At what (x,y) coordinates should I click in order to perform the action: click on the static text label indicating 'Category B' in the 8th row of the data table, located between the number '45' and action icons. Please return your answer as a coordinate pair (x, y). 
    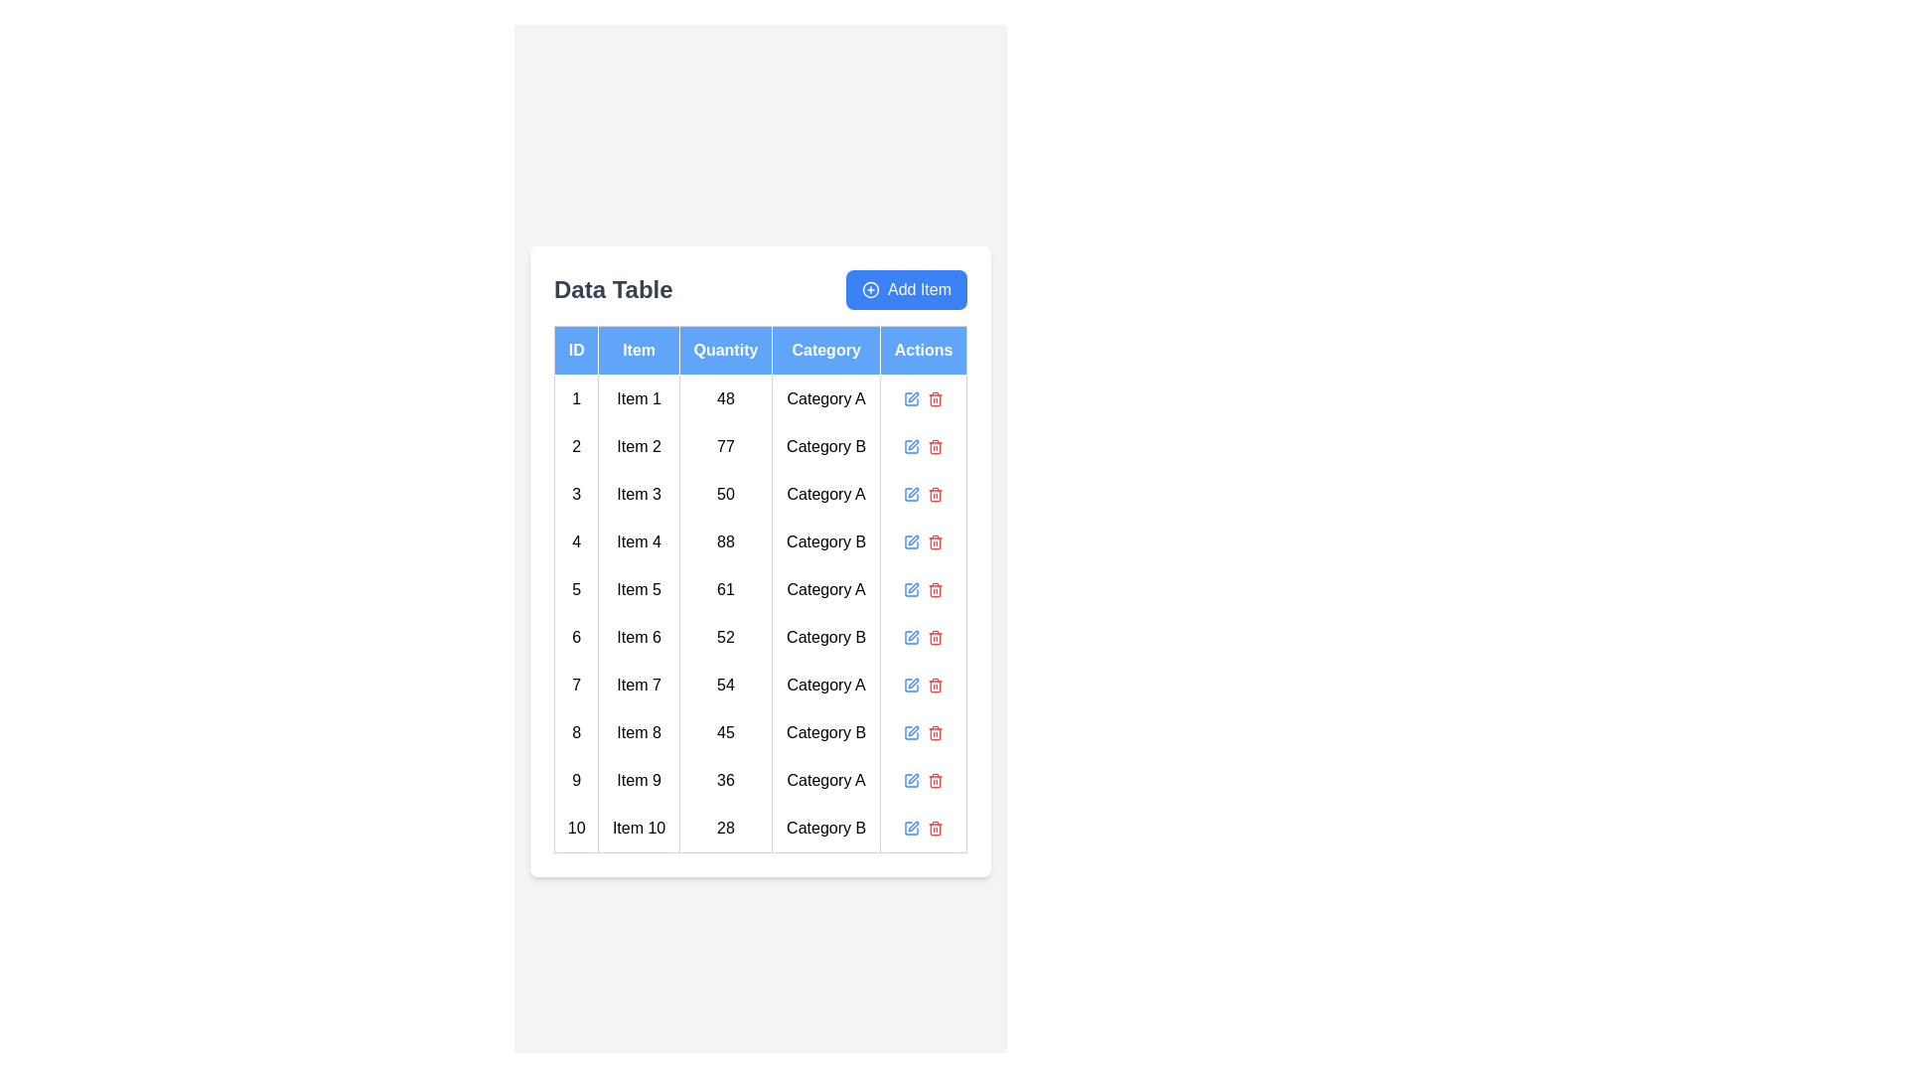
    Looking at the image, I should click on (826, 732).